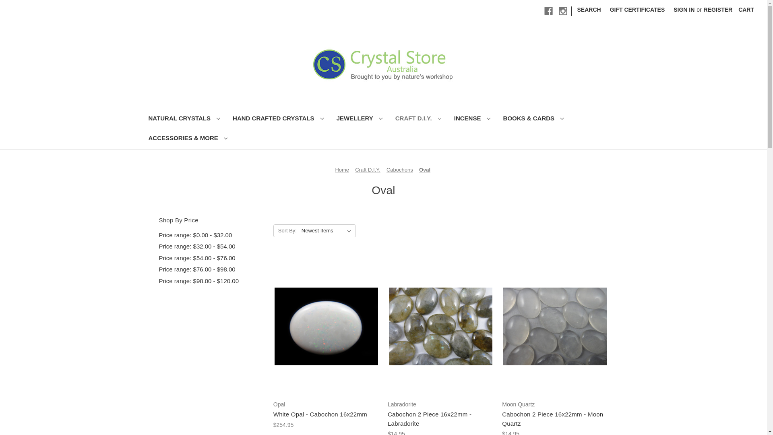  I want to click on 'Price range: $98.00 - $120.00', so click(211, 281).